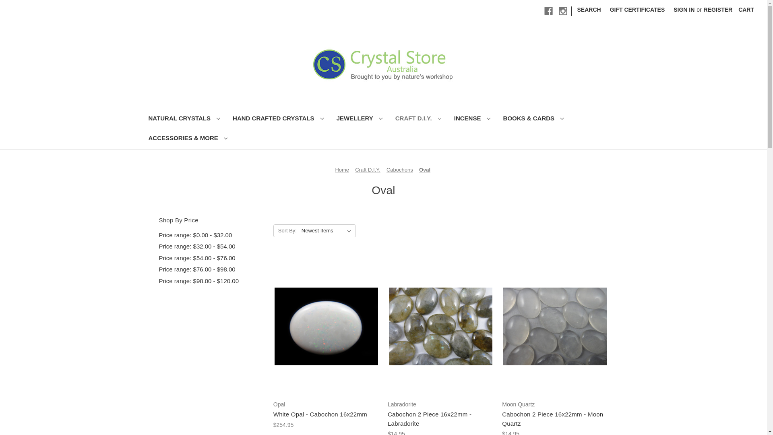  I want to click on 'Price range: $98.00 - $120.00', so click(211, 281).